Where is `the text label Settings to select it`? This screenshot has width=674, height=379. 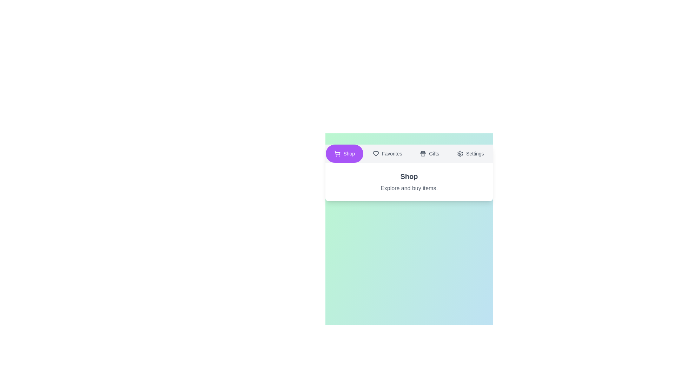
the text label Settings to select it is located at coordinates (470, 153).